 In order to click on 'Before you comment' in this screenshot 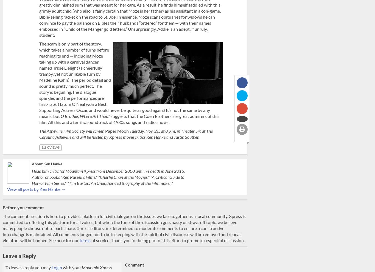, I will do `click(23, 207)`.